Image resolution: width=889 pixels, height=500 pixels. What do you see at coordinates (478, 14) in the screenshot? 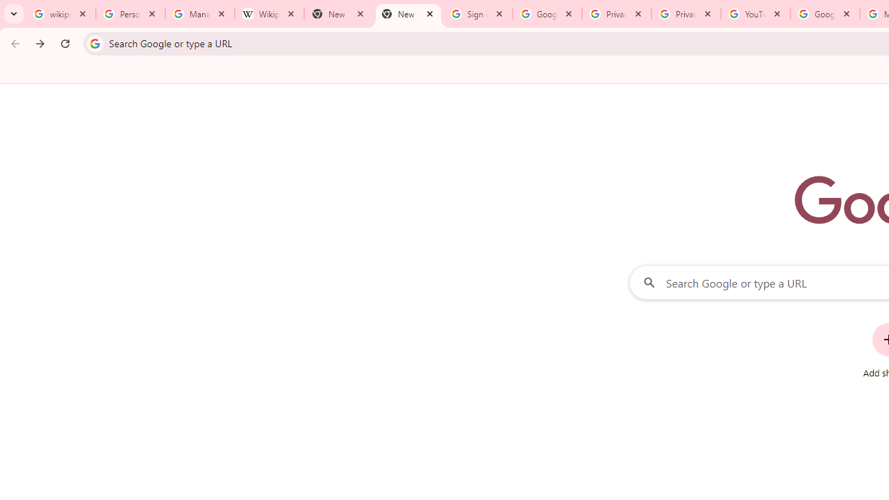
I see `'Sign in - Google Accounts'` at bounding box center [478, 14].